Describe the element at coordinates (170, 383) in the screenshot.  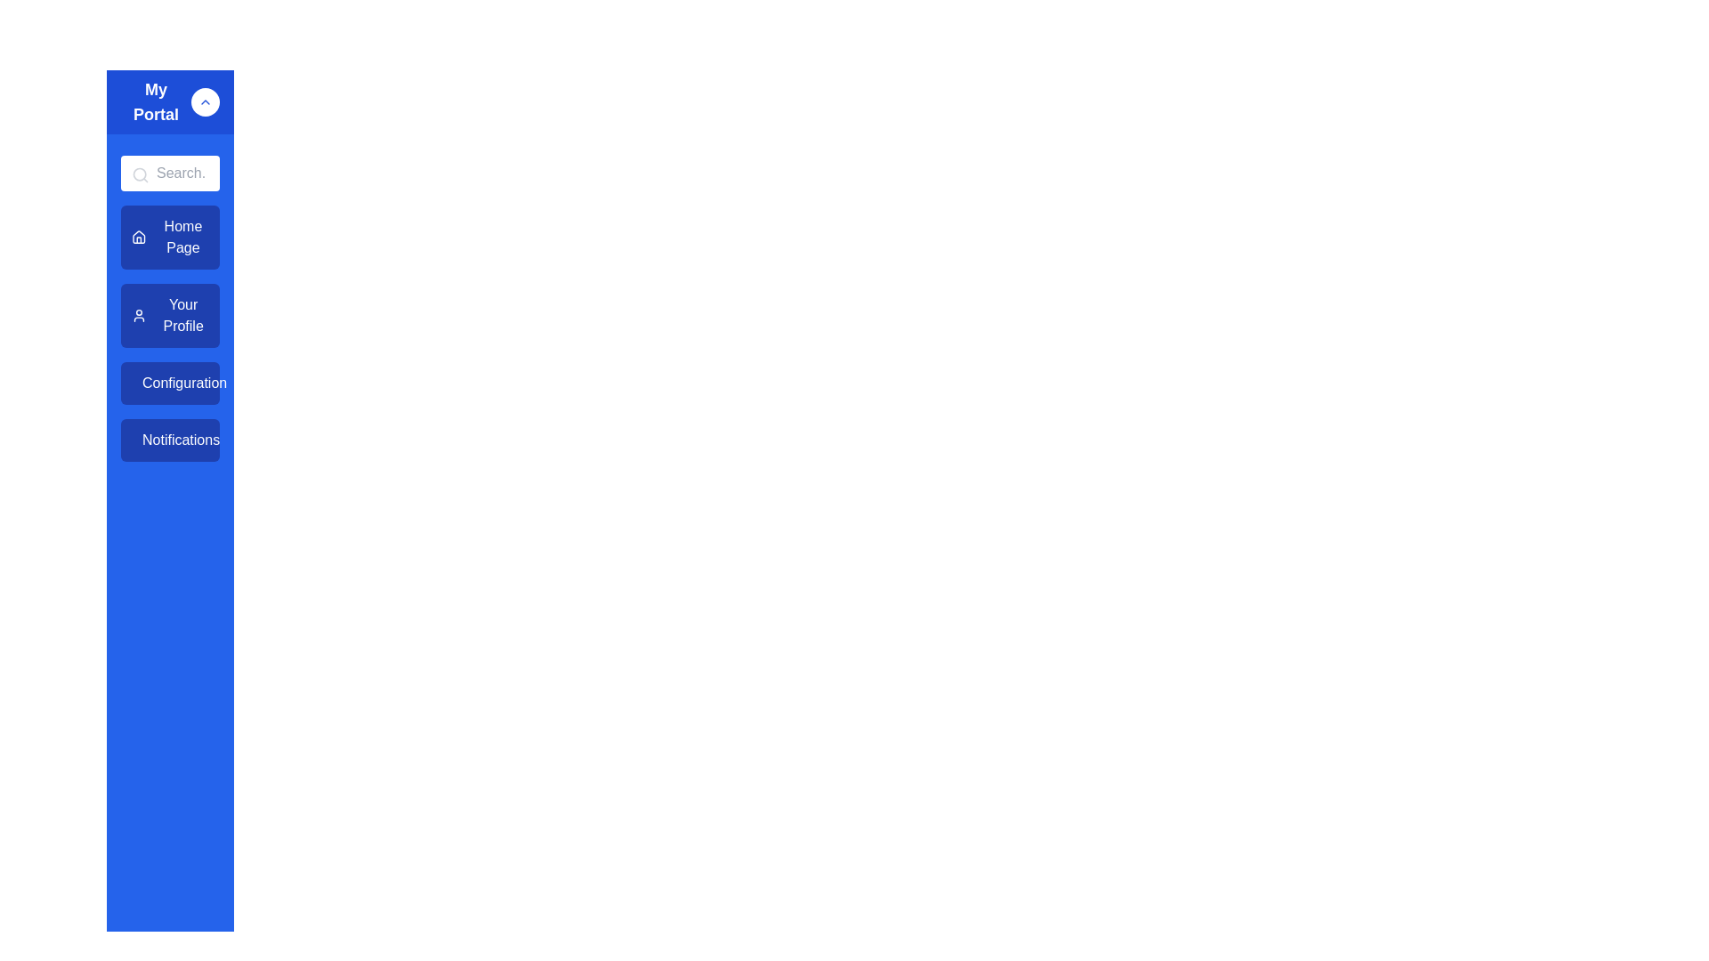
I see `the 'Configuration' button located in the third position of the vertical sidebar menu` at that location.